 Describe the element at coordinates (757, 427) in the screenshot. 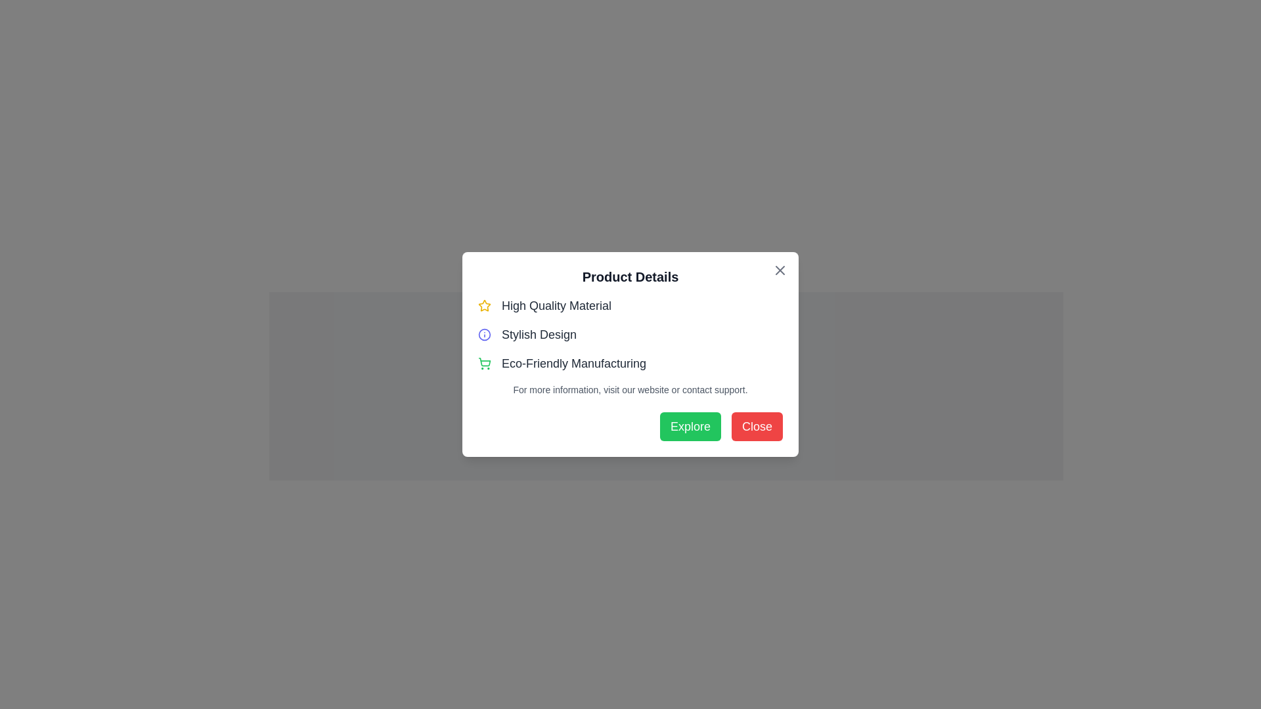

I see `the red 'Close' button located at the bottom-right corner of the dialog box` at that location.